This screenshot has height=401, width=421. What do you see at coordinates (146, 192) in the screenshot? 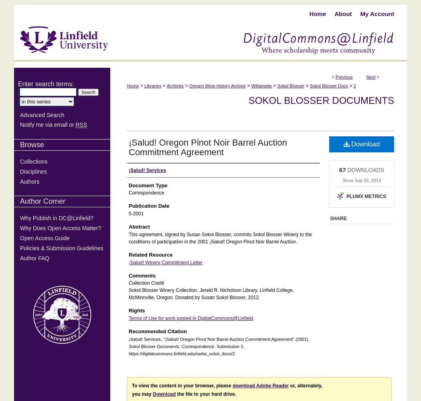
I see `'Correspondence'` at bounding box center [146, 192].